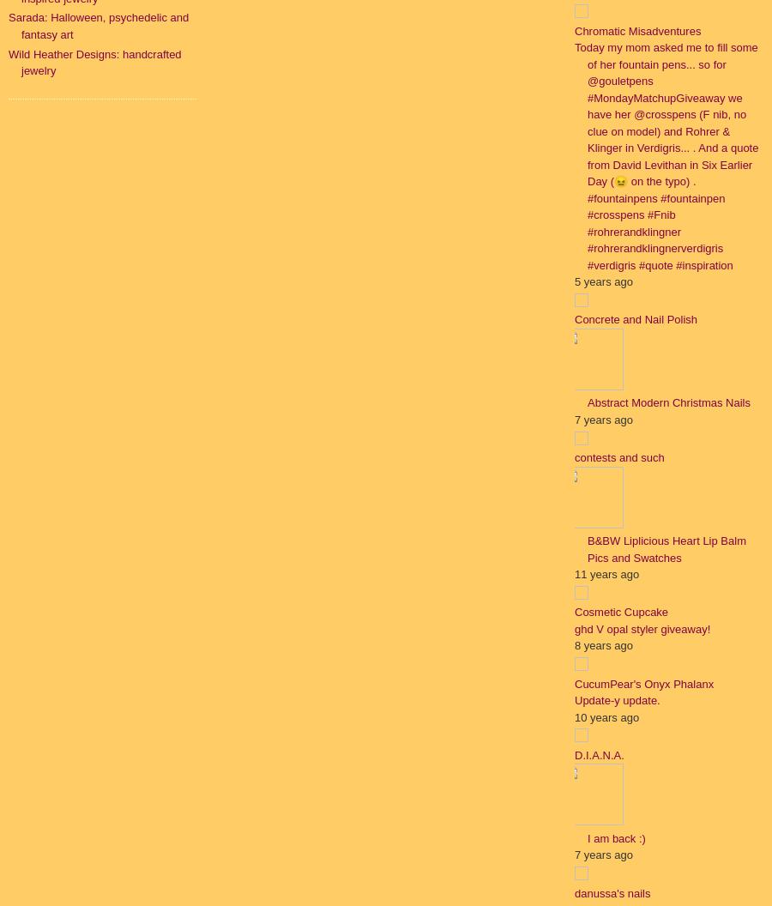 This screenshot has height=906, width=772. I want to click on '10 years ago', so click(606, 716).